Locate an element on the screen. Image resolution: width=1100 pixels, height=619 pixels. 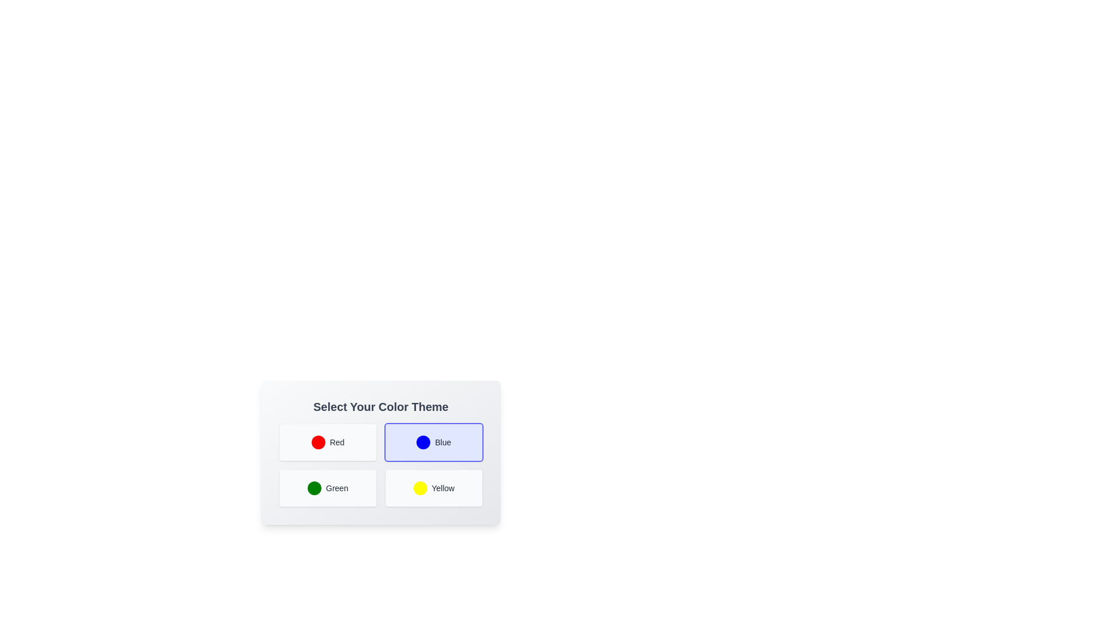
the button corresponding to the theme Yellow to select it is located at coordinates (433, 488).